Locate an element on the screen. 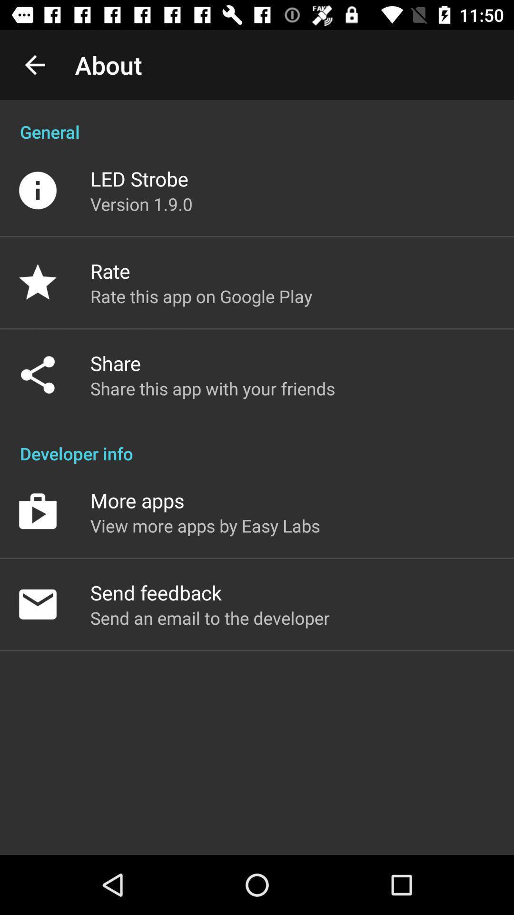 Image resolution: width=514 pixels, height=915 pixels. icon next to the about app is located at coordinates (34, 64).